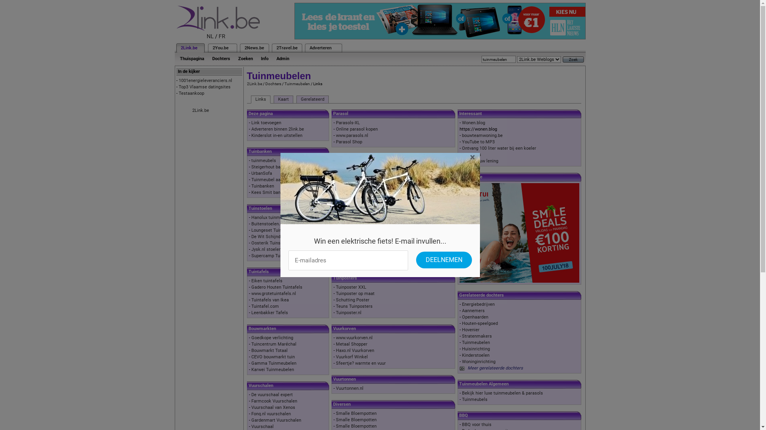 Image resolution: width=766 pixels, height=430 pixels. I want to click on '2Travel.be', so click(286, 48).